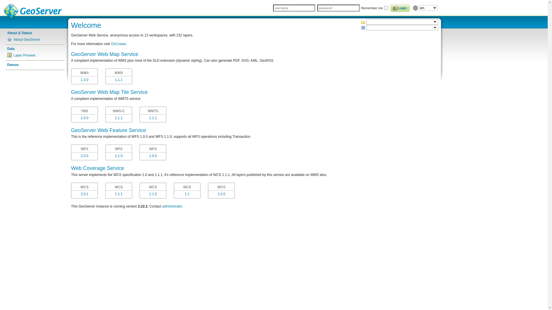  I want to click on 'WMS, so click(84, 76).